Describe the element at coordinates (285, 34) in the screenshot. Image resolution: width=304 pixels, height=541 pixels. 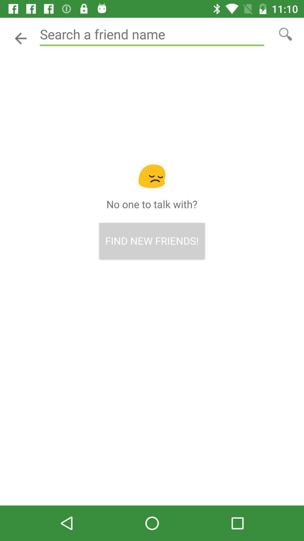
I see `search for items` at that location.